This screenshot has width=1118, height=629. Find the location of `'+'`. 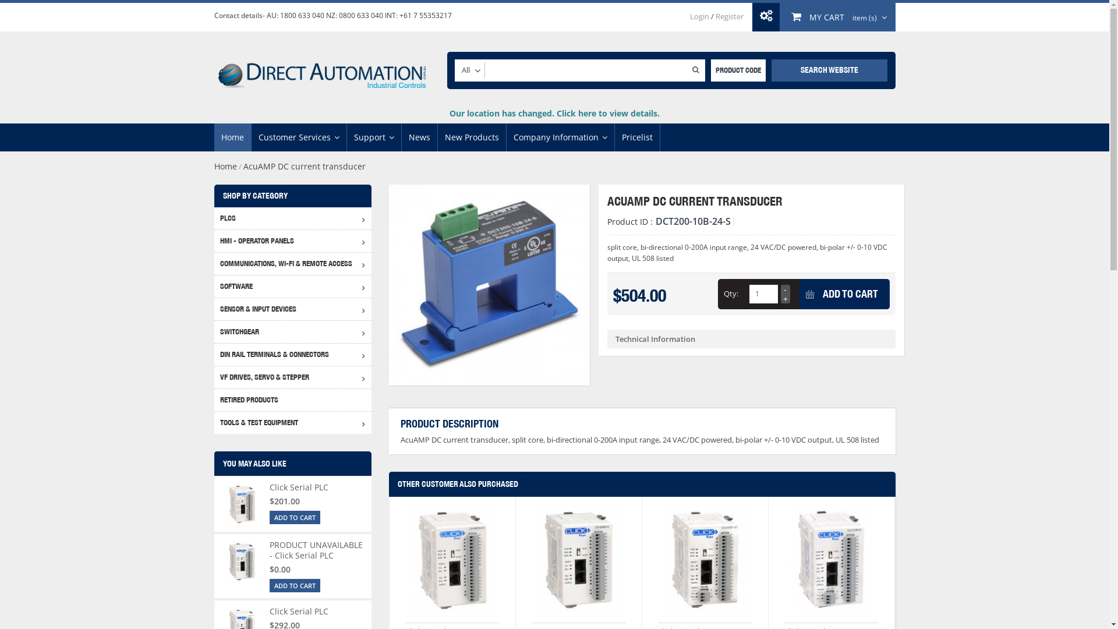

'+' is located at coordinates (785, 298).